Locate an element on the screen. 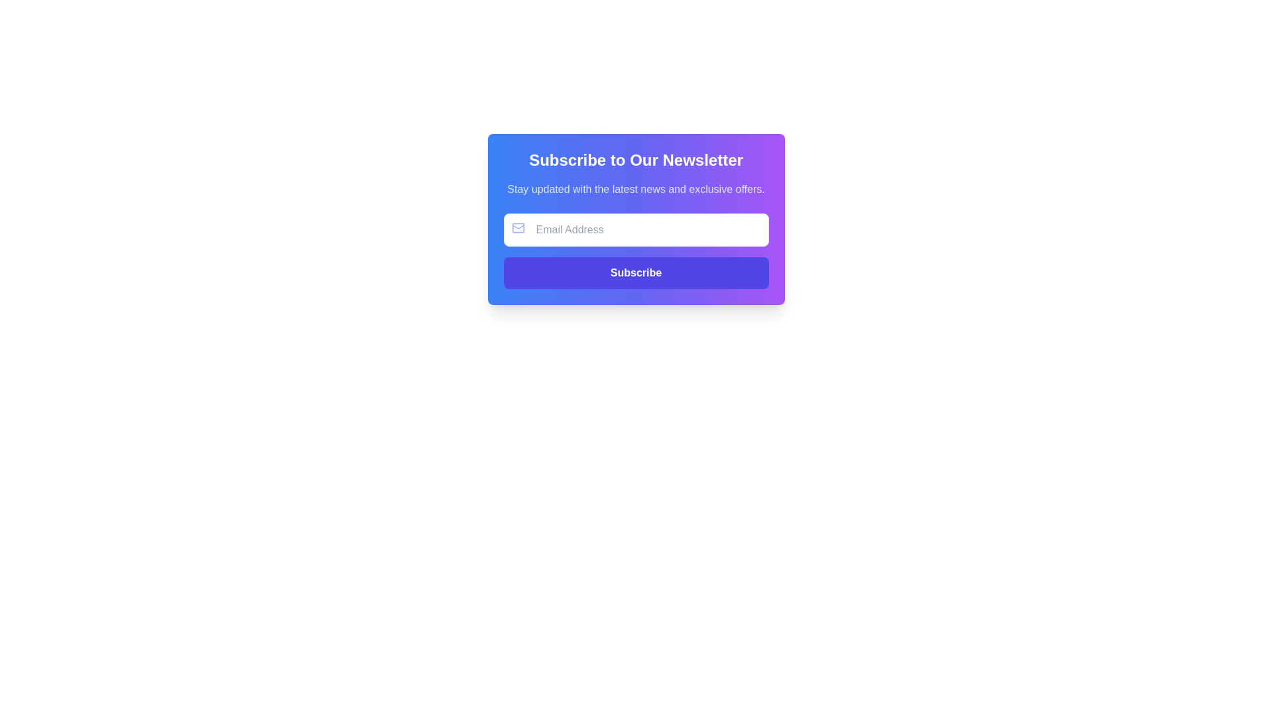 Image resolution: width=1273 pixels, height=716 pixels. the 'Subscribe to Our Newsletter' text header, which is a bold white font centered at the top of a colorful card with a blue to purple gradient background is located at coordinates (635, 160).